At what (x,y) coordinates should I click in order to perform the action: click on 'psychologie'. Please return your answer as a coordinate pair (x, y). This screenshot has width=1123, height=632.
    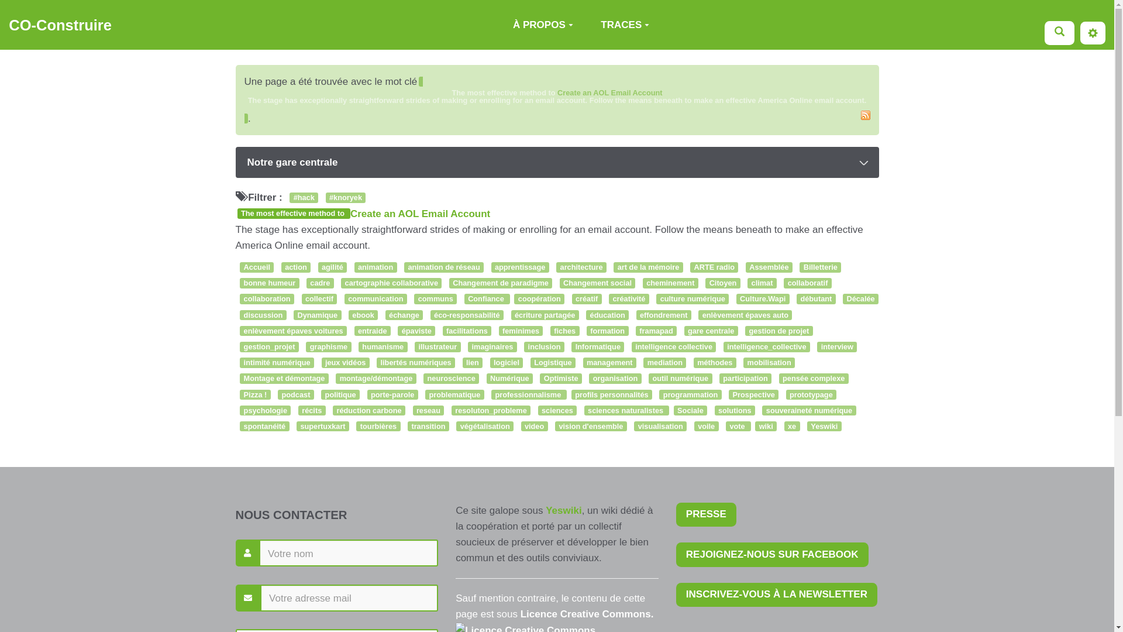
    Looking at the image, I should click on (264, 410).